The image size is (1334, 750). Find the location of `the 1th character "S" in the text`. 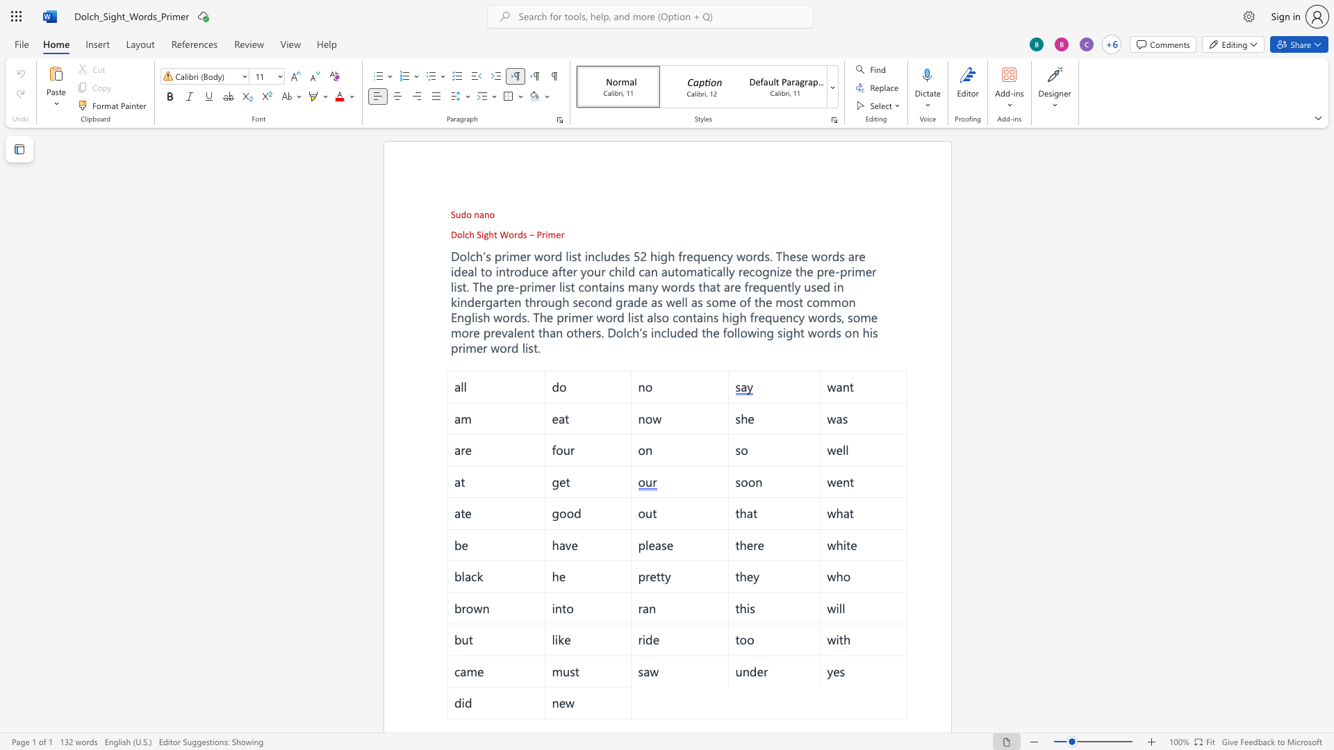

the 1th character "S" in the text is located at coordinates (479, 234).